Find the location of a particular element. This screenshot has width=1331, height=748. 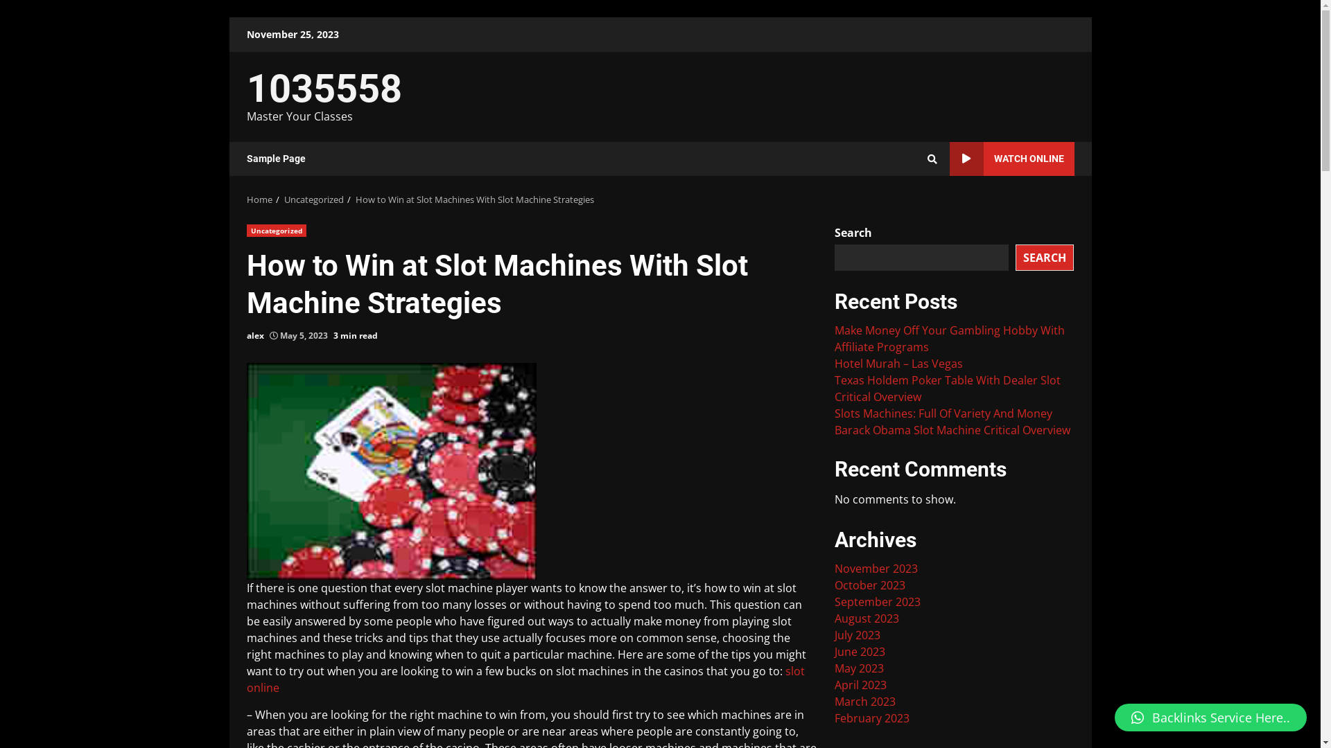

'WATCH ONLINE' is located at coordinates (1011, 158).